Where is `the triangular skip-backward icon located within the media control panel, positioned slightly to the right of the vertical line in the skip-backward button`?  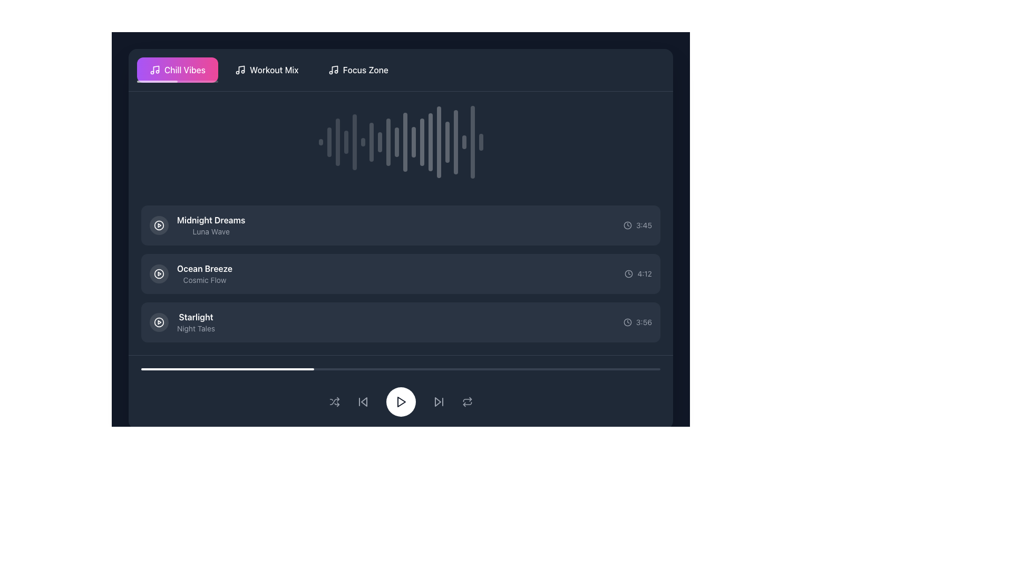 the triangular skip-backward icon located within the media control panel, positioned slightly to the right of the vertical line in the skip-backward button is located at coordinates (364, 402).